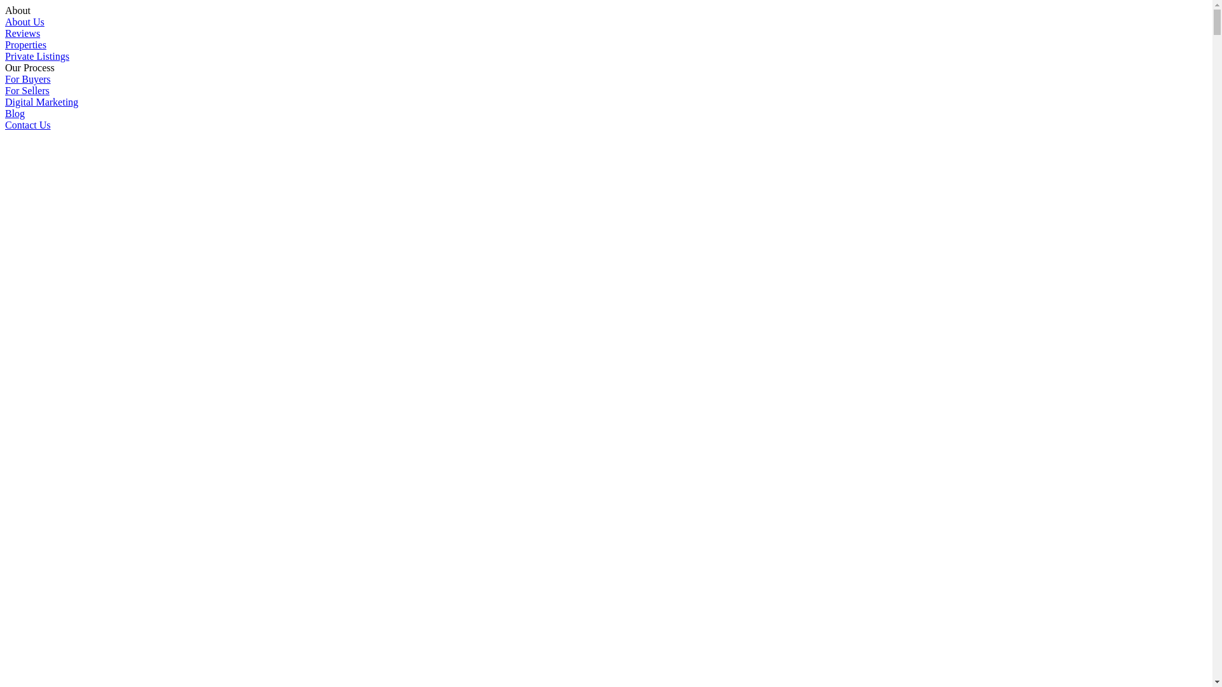 This screenshot has height=687, width=1222. I want to click on 'Reviews', so click(22, 32).